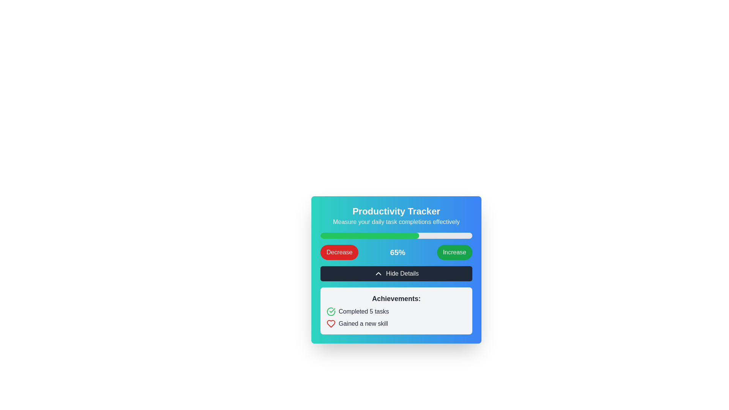 The height and width of the screenshot is (410, 729). I want to click on the appearance of the green check mark shape within the circular SVG icon, which indicates a completed achievement, so click(332, 310).